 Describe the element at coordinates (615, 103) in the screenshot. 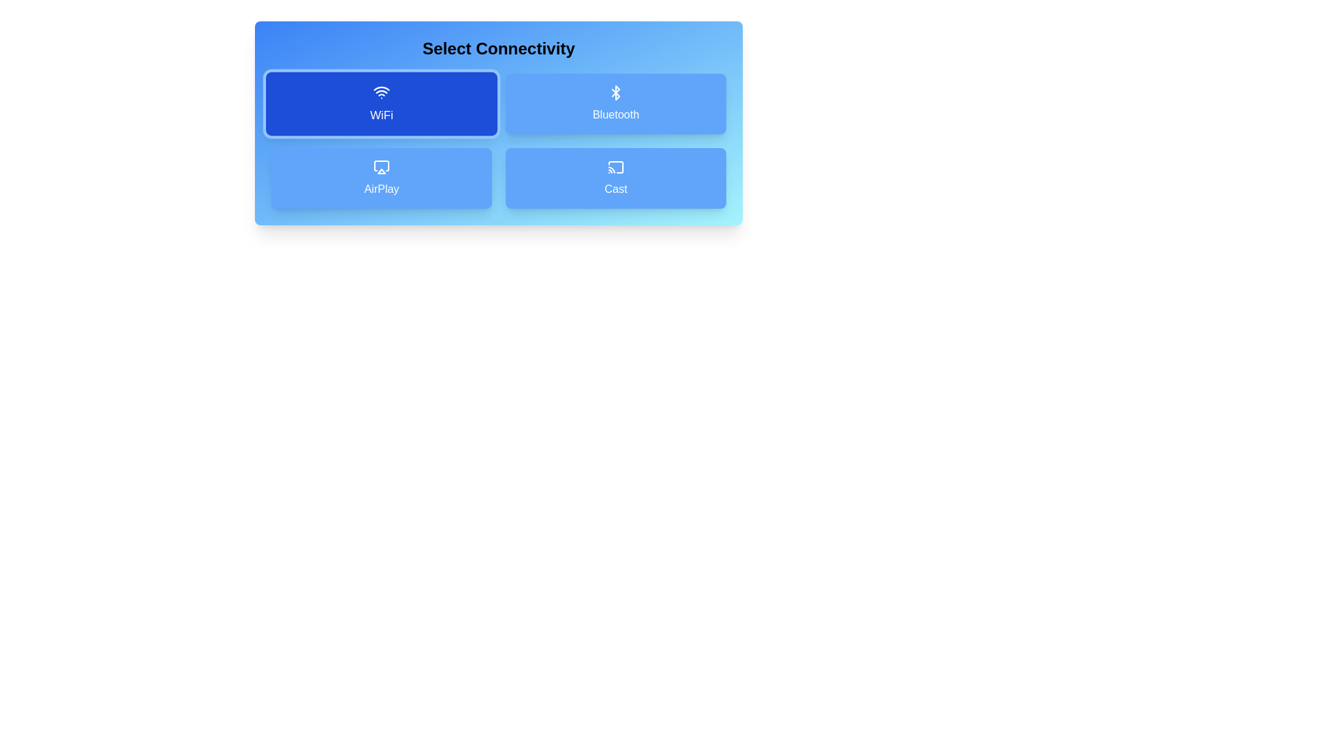

I see `the Bluetooth button to select the desired connectivity option` at that location.